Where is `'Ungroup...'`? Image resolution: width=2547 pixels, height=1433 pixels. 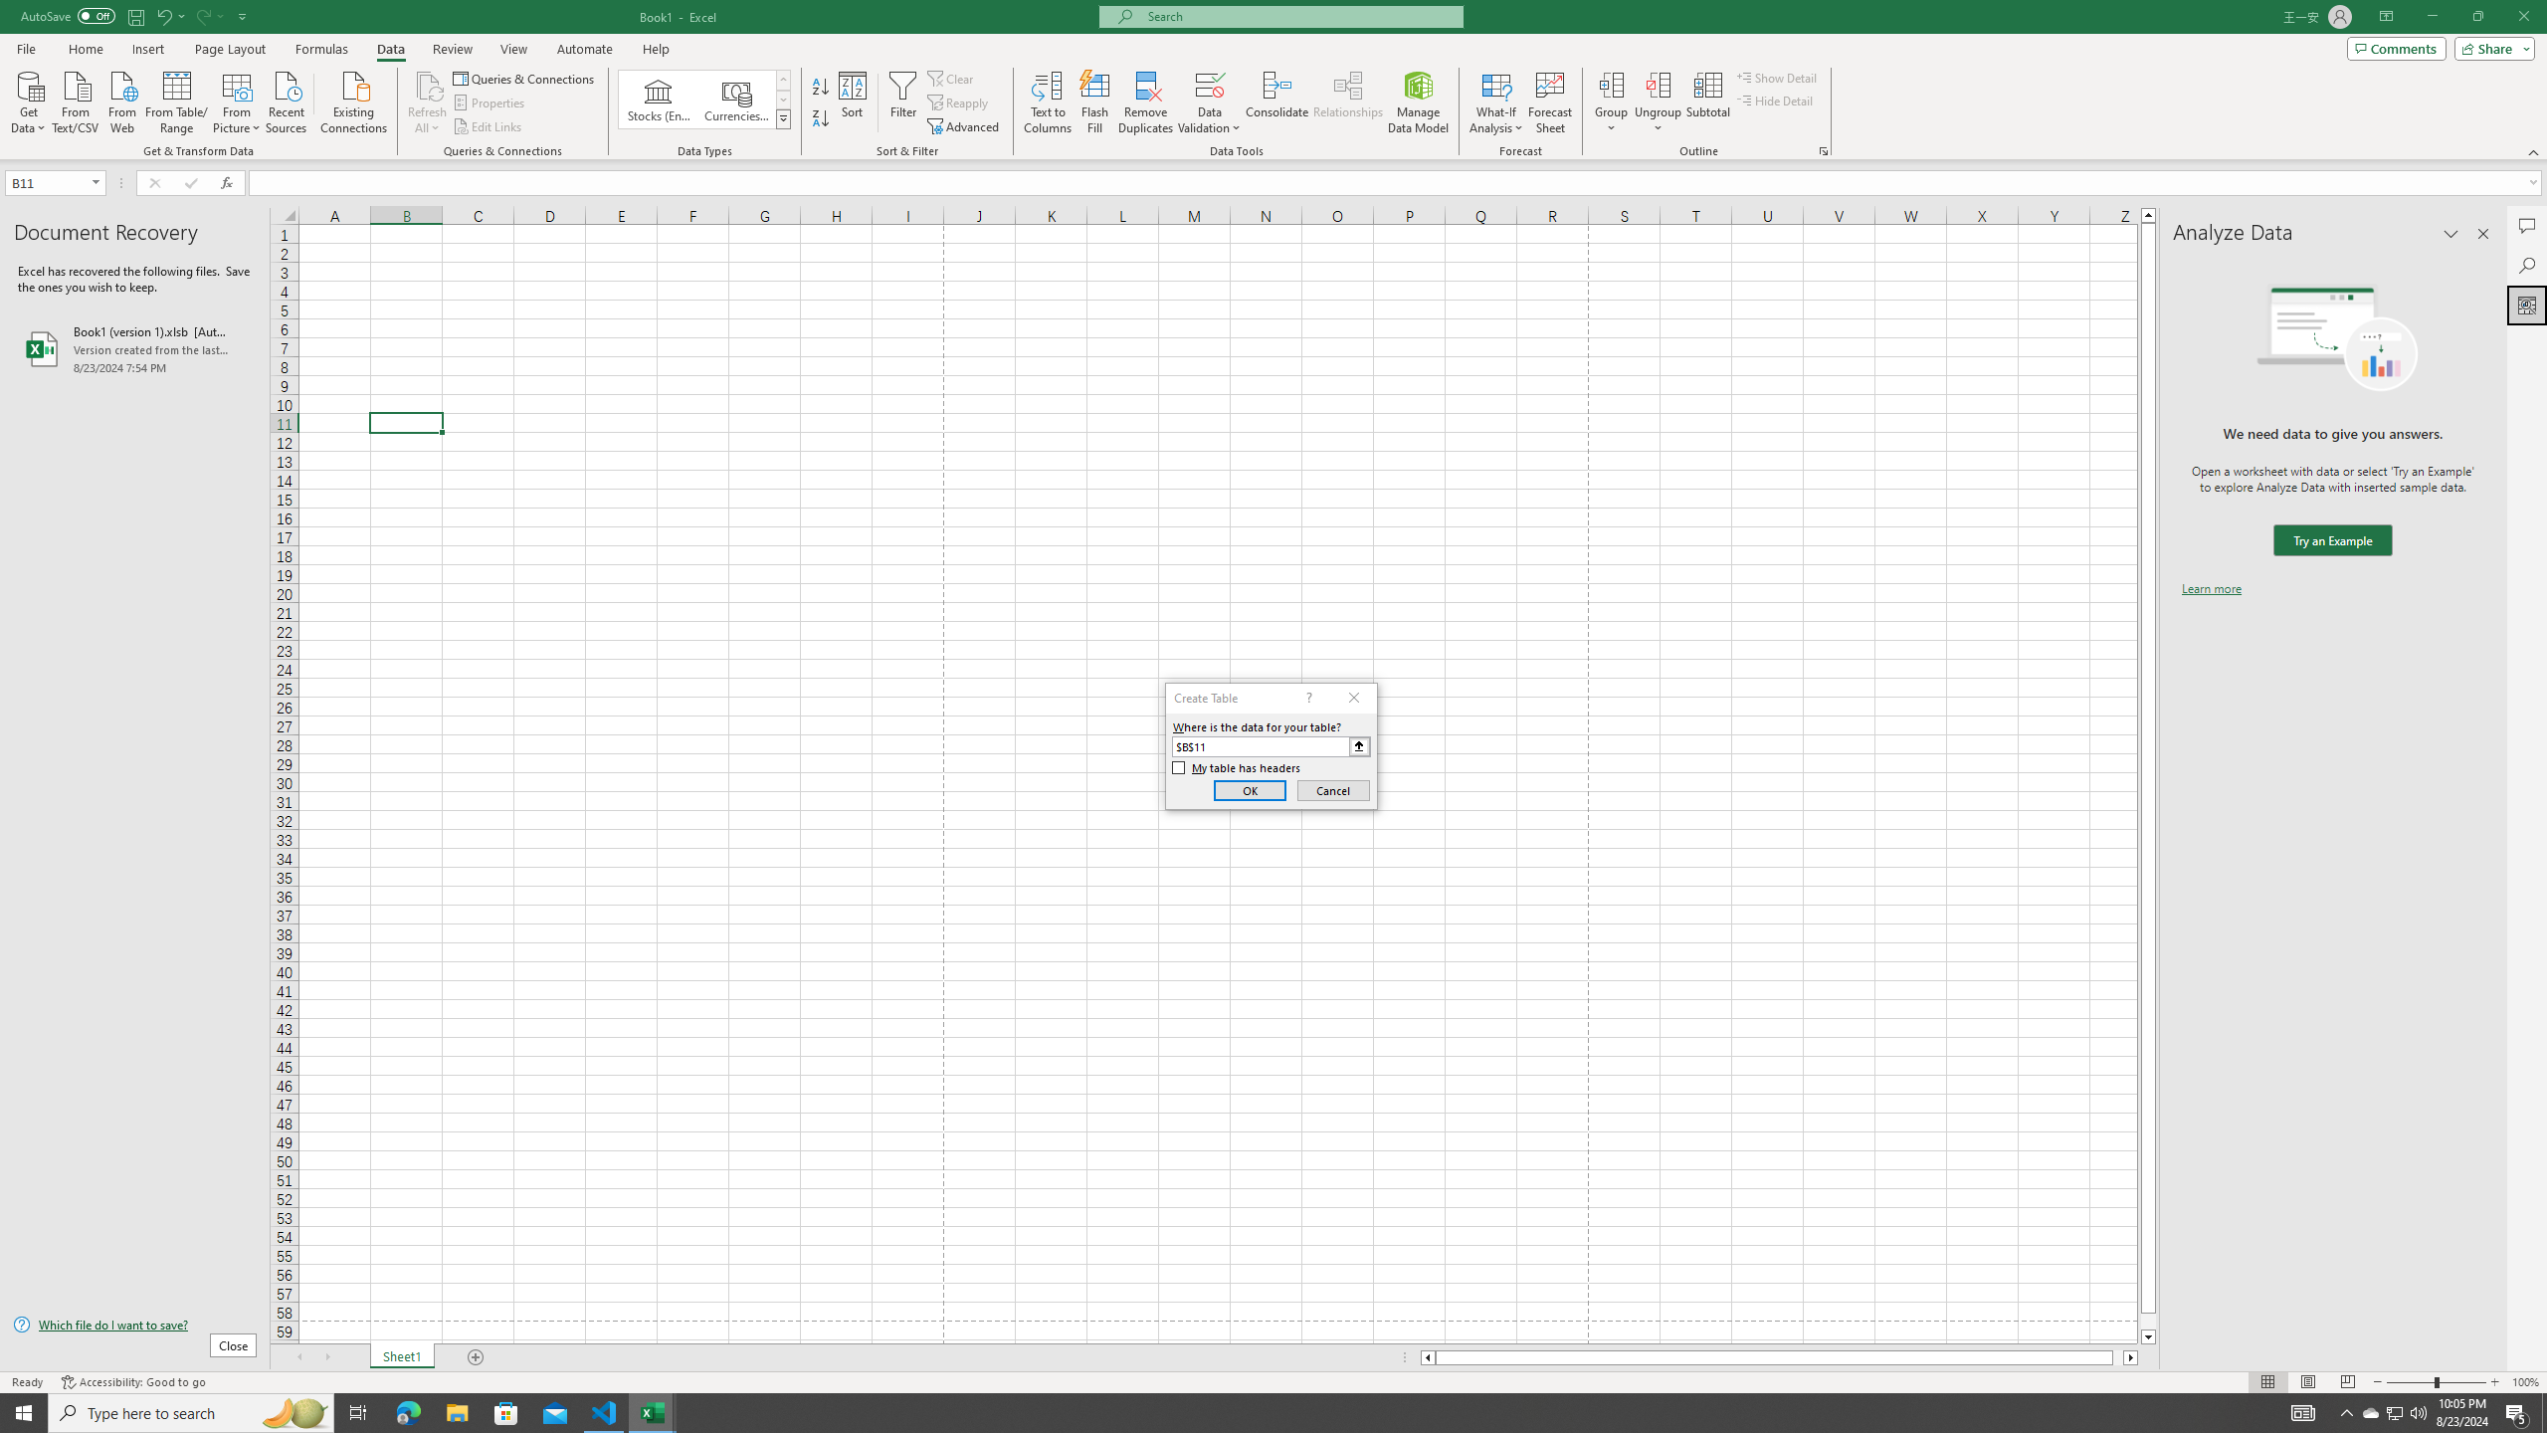 'Ungroup...' is located at coordinates (1658, 84).